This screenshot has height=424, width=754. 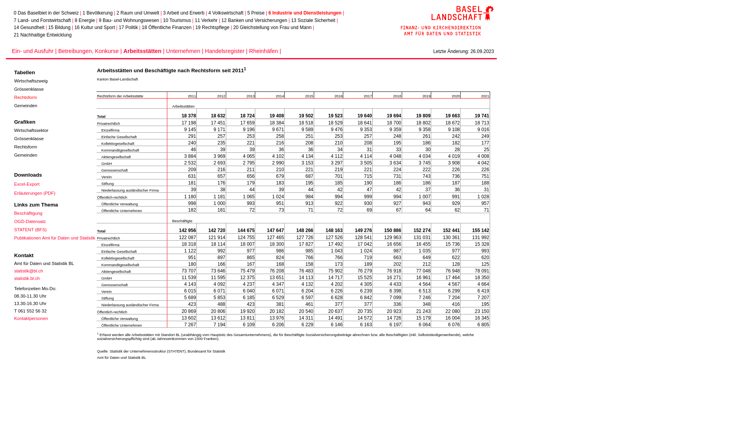 What do you see at coordinates (94, 27) in the screenshot?
I see `'16 Kultur und Sport'` at bounding box center [94, 27].